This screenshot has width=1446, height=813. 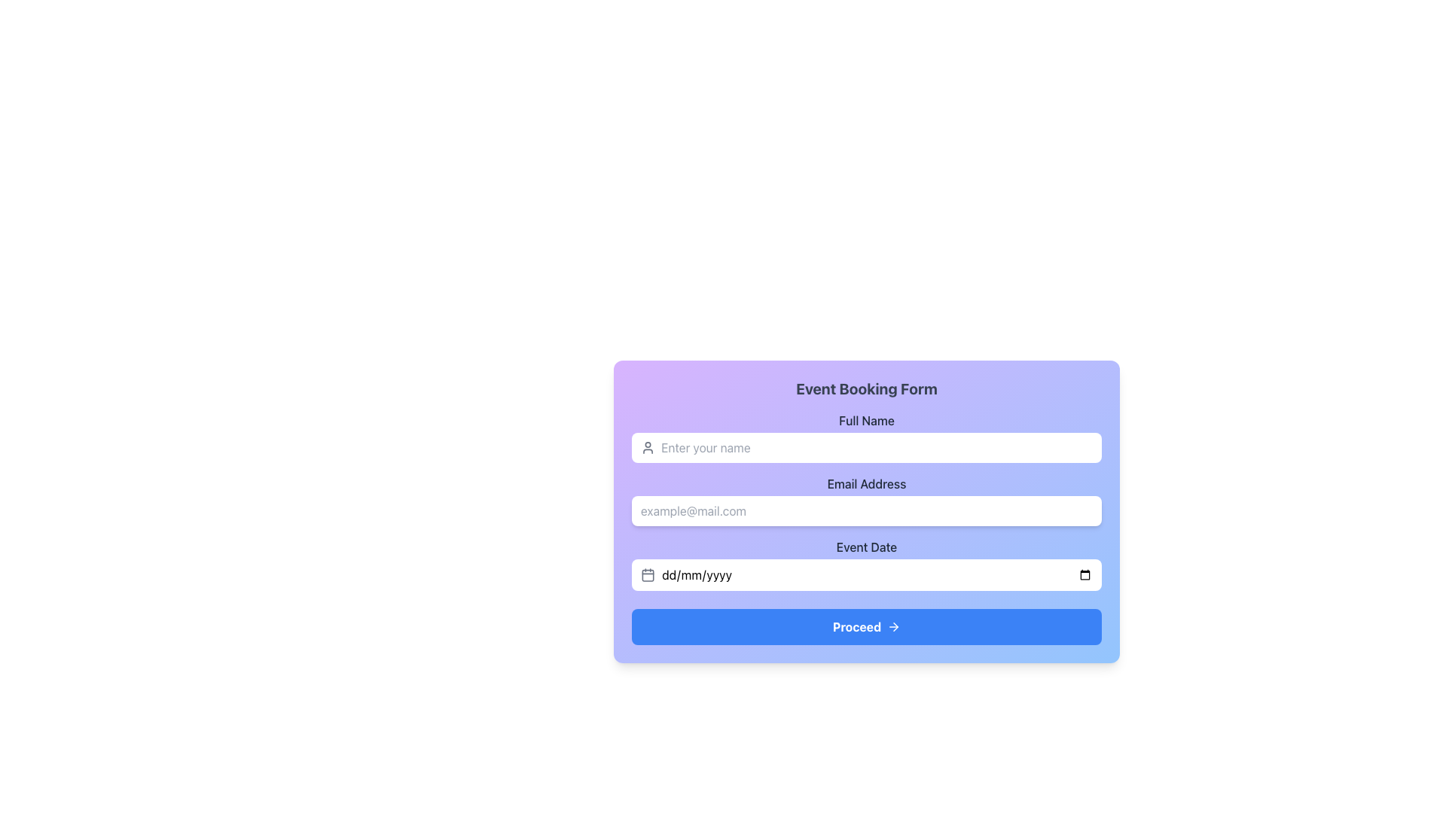 I want to click on the arrowhead icon embedded inside the 'Proceed' button, which indicates progression to the next step, so click(x=895, y=627).